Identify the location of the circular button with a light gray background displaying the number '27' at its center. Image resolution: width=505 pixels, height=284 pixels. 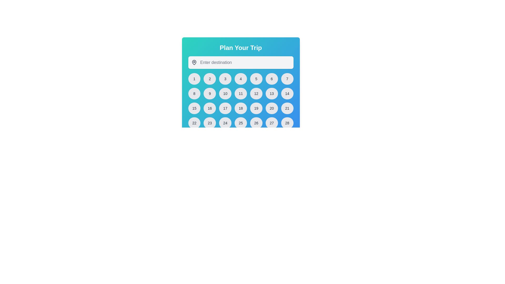
(272, 123).